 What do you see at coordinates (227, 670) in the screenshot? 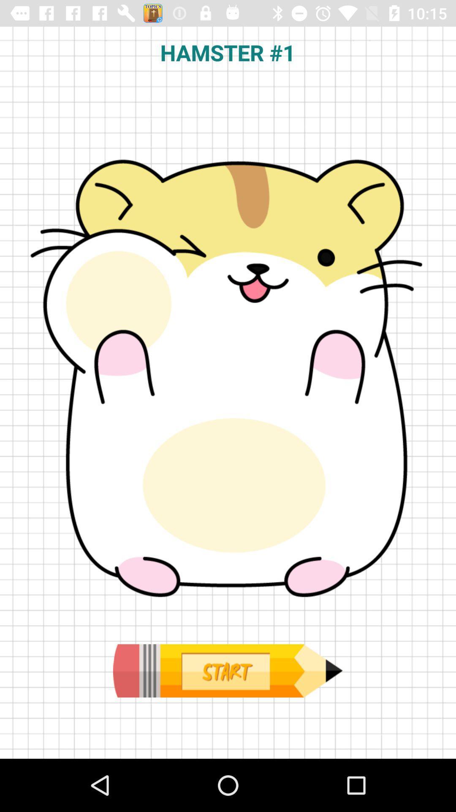
I see `start drawing` at bounding box center [227, 670].